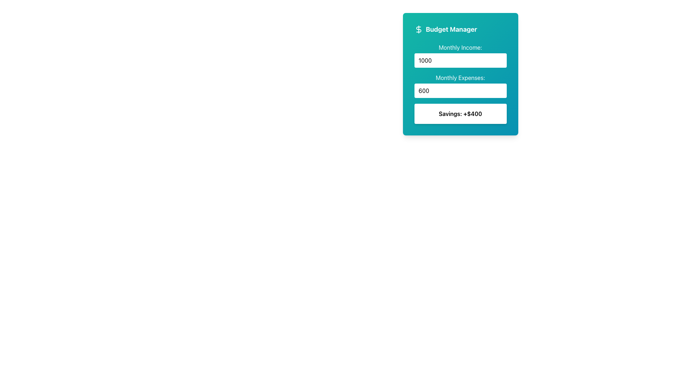 This screenshot has width=692, height=389. I want to click on the Static Text Label above the input field in the 'Budget Manager' card to provide context to the user about the expected input, so click(460, 47).